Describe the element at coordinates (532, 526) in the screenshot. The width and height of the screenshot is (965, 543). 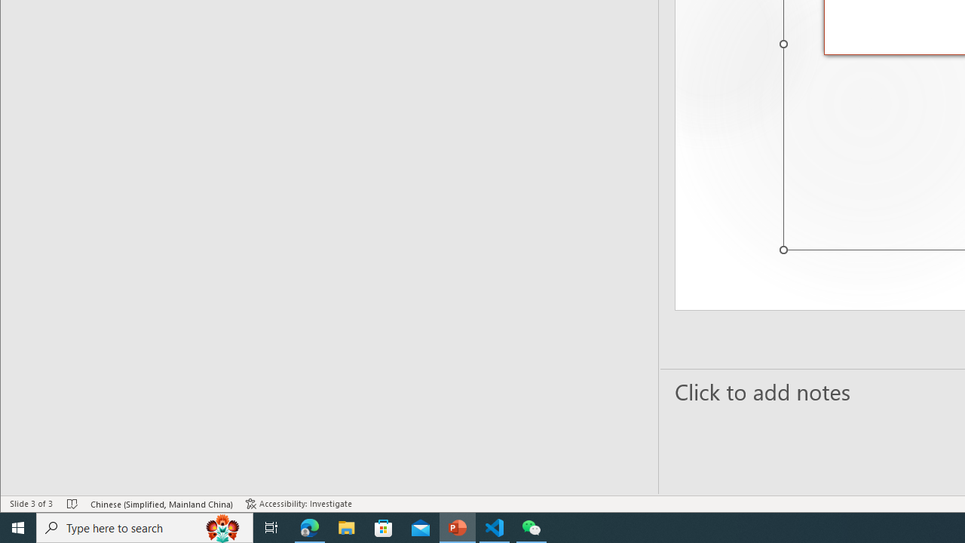
I see `'WeChat - 1 running window'` at that location.